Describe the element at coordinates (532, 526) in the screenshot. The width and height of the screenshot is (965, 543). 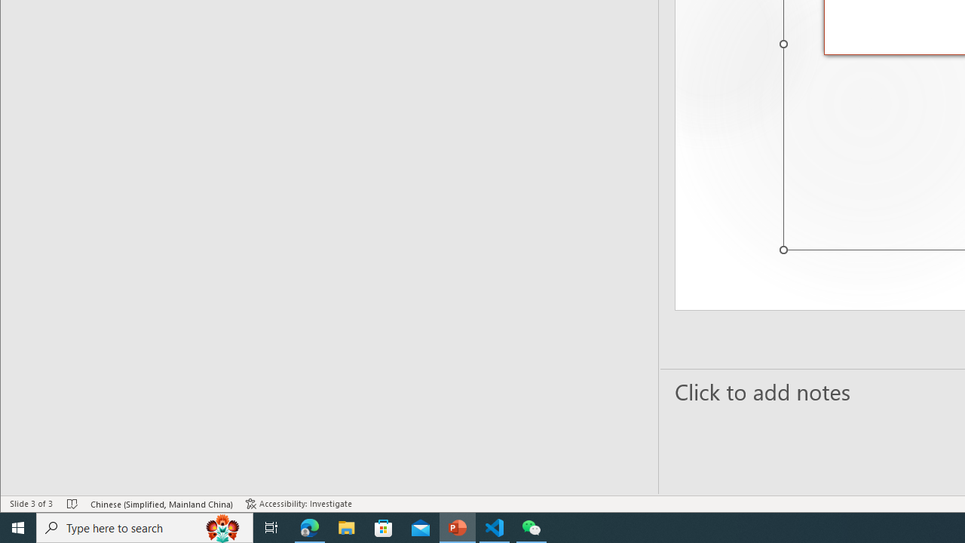
I see `'WeChat - 1 running window'` at that location.